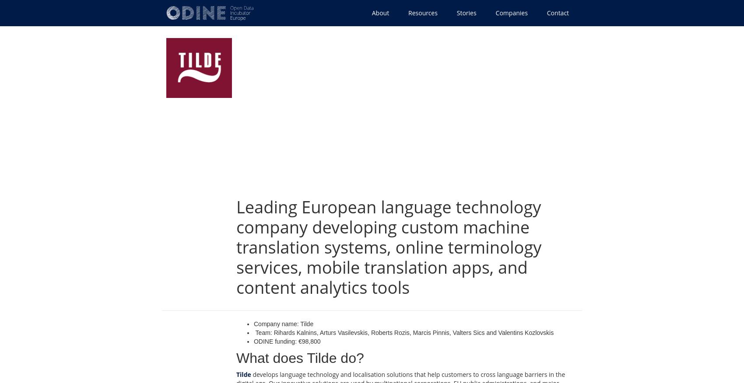  What do you see at coordinates (299, 357) in the screenshot?
I see `'What does Tilde do?'` at bounding box center [299, 357].